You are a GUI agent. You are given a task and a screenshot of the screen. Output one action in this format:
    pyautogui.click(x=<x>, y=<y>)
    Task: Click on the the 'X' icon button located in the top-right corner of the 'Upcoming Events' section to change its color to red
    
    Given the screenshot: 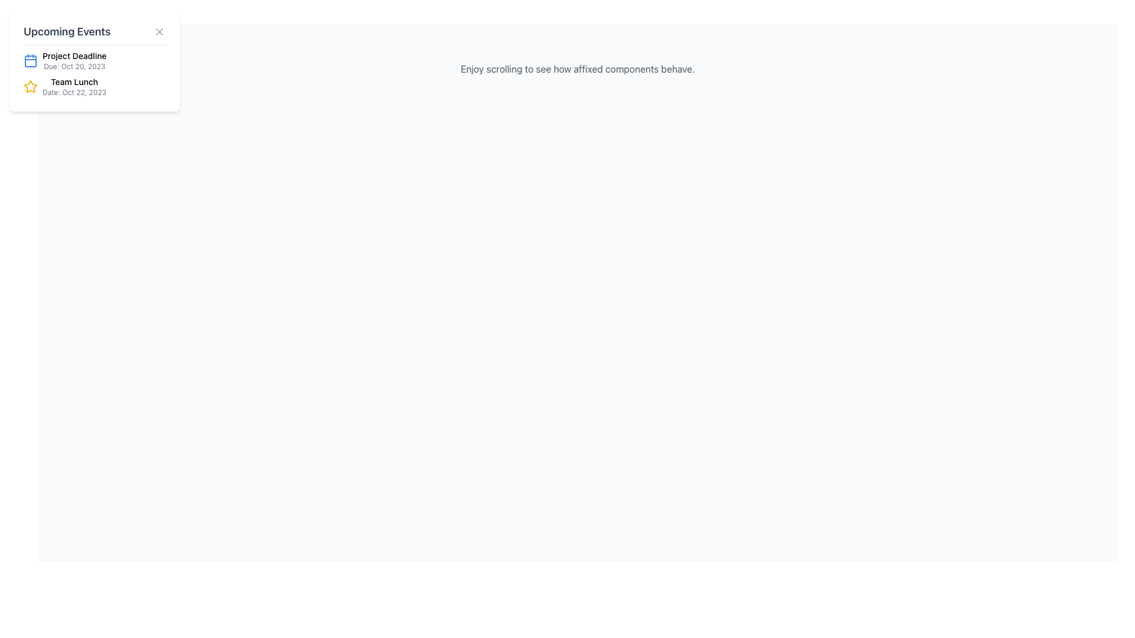 What is the action you would take?
    pyautogui.click(x=158, y=31)
    